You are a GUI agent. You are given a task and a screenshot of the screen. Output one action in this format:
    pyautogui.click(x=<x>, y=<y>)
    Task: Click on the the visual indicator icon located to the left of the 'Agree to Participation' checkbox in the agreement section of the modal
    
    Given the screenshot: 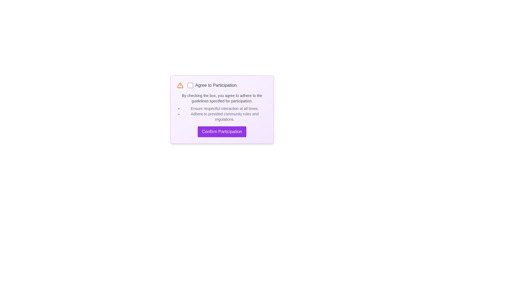 What is the action you would take?
    pyautogui.click(x=180, y=85)
    